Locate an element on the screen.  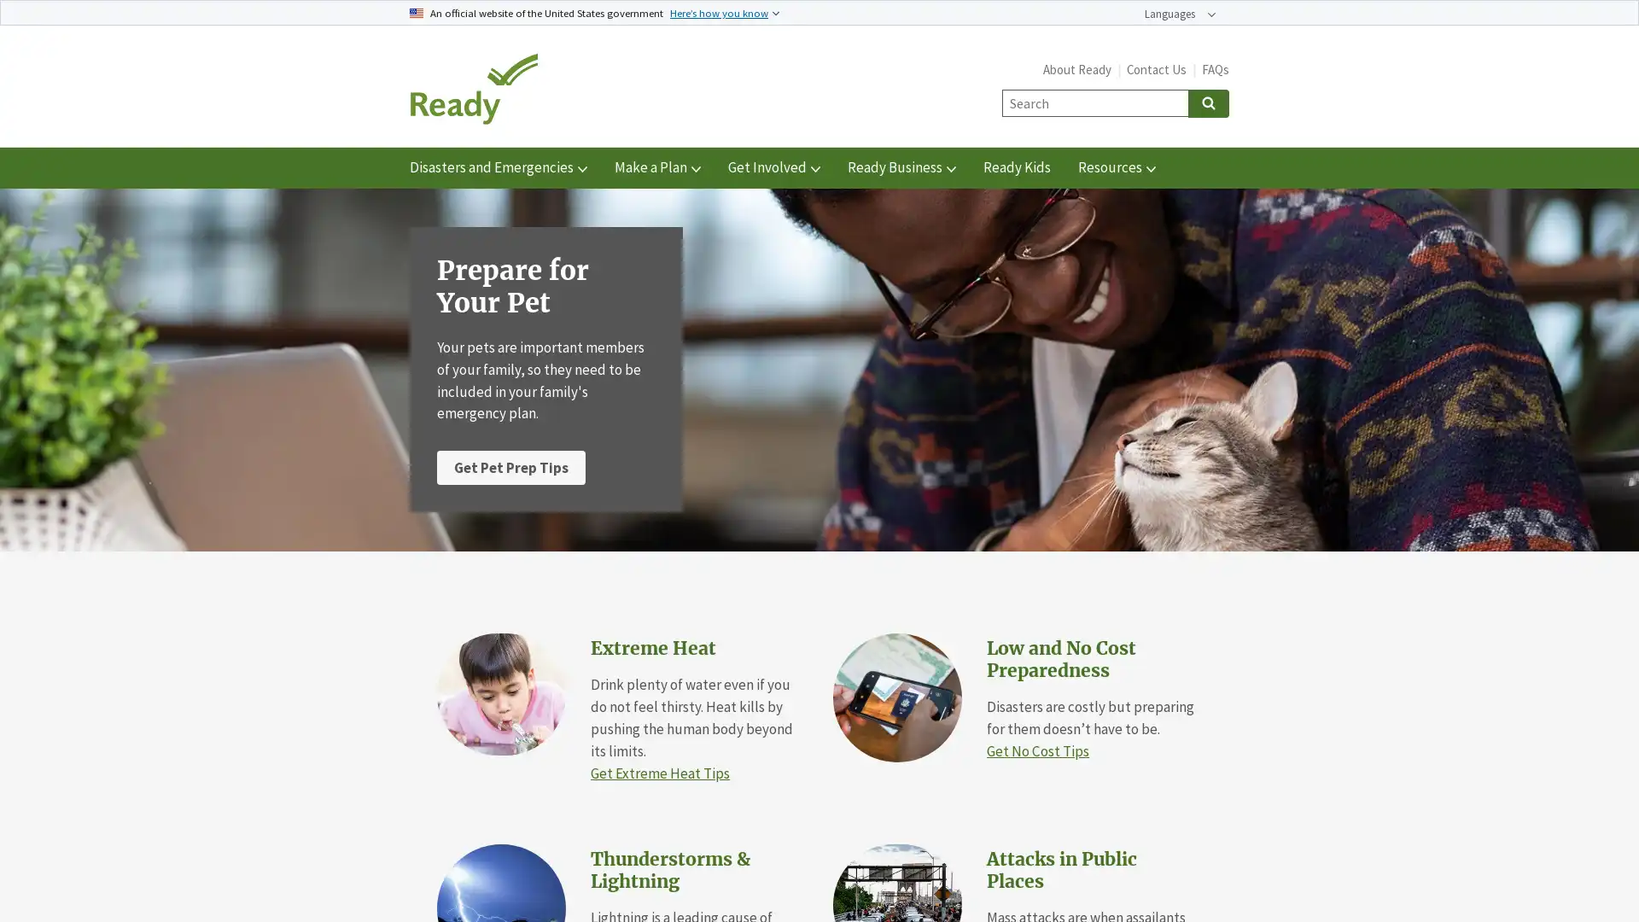
Disasters and Emergencies is located at coordinates (498, 167).